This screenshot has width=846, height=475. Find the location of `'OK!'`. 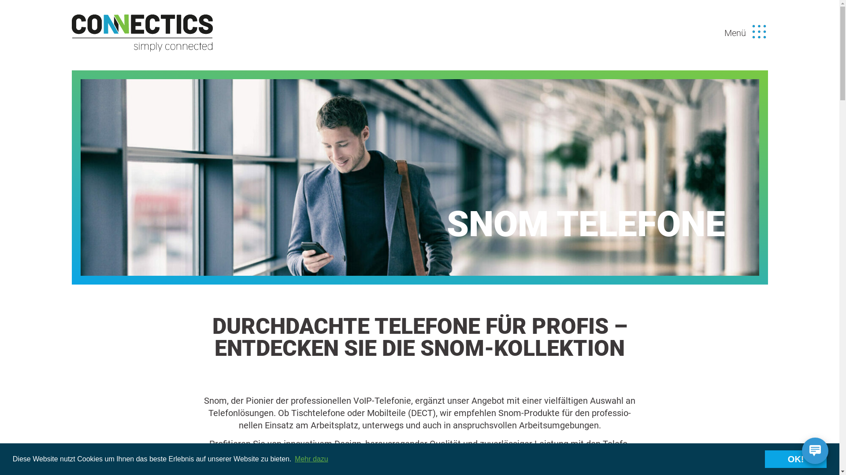

'OK!' is located at coordinates (795, 459).